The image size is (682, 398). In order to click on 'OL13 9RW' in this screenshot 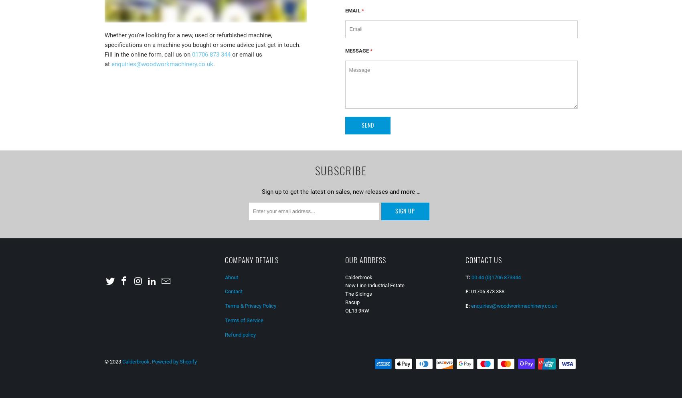, I will do `click(356, 310)`.